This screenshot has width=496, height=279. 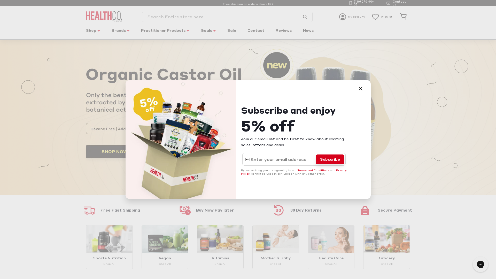 I want to click on 'News', so click(x=308, y=33).